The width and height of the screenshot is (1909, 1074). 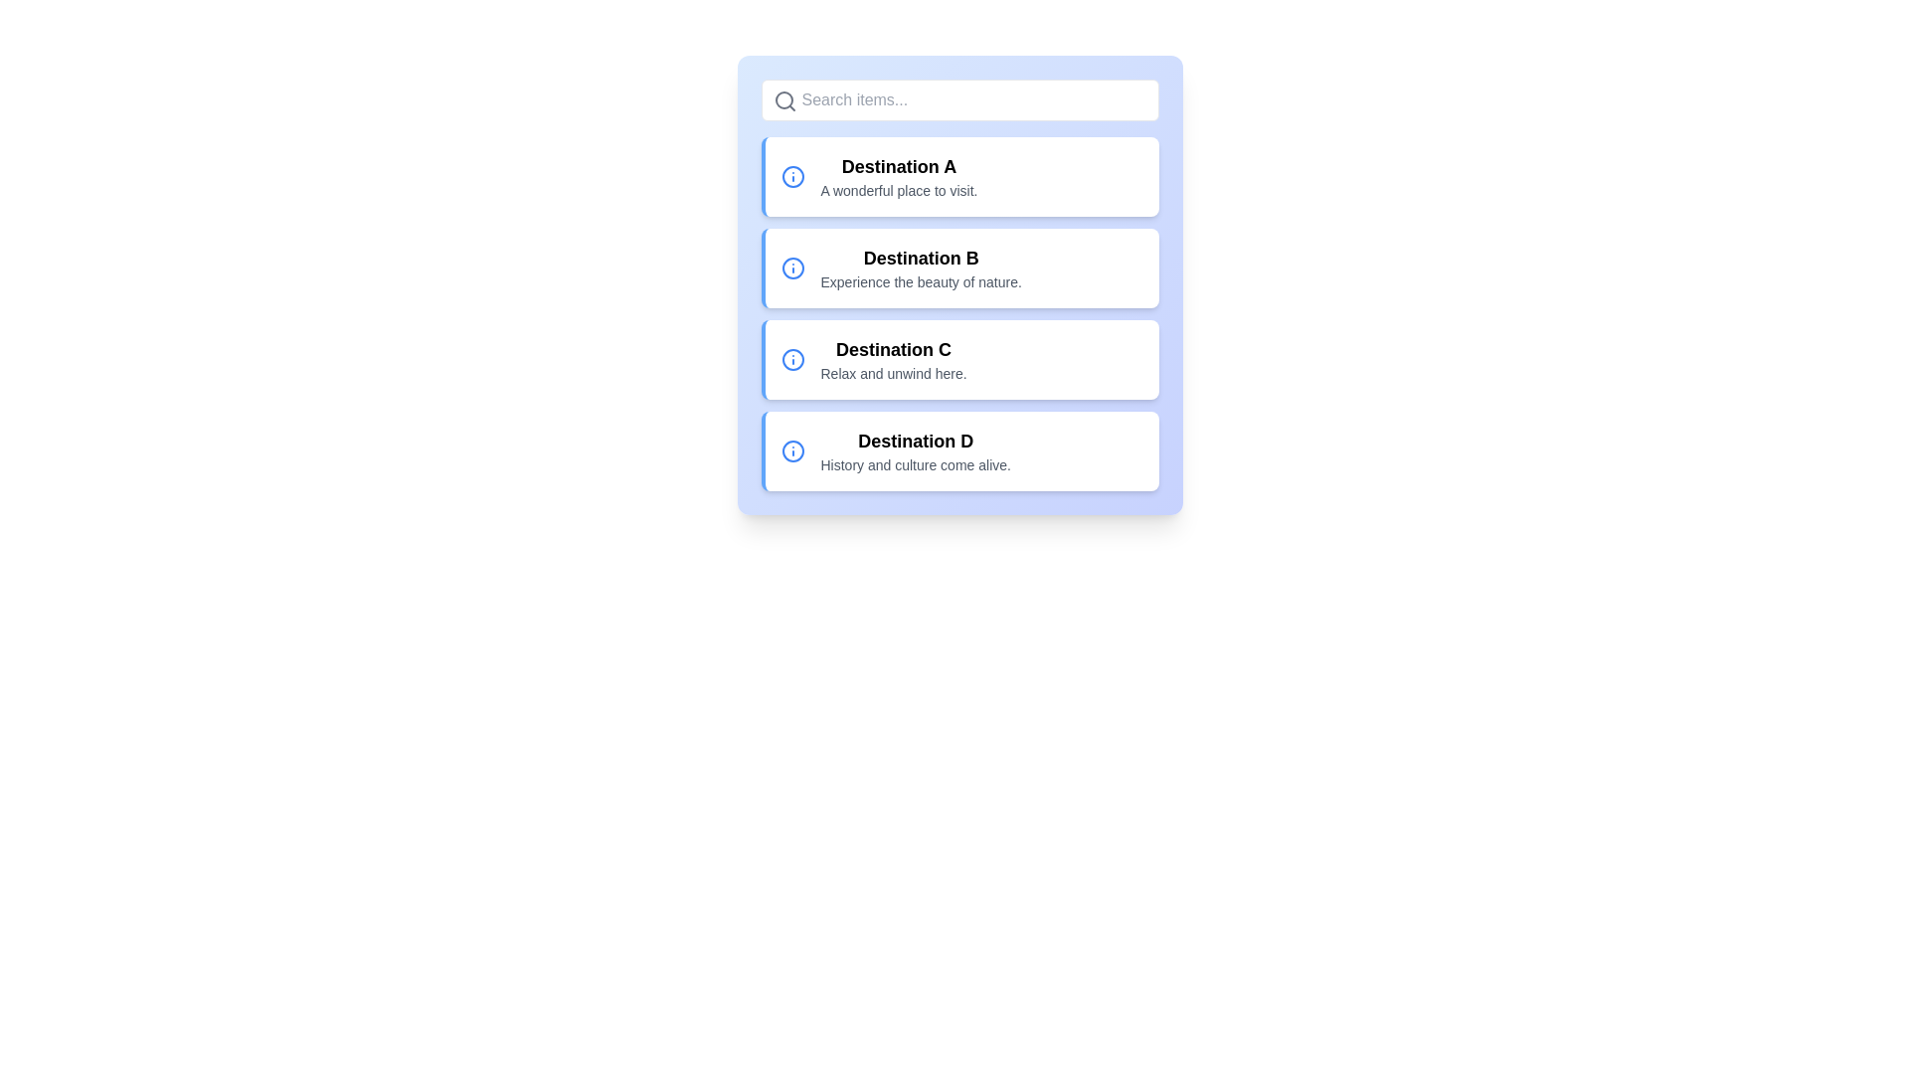 What do you see at coordinates (791, 360) in the screenshot?
I see `the Informational Icon located on the left side of the text content in the 'Destination C' section` at bounding box center [791, 360].